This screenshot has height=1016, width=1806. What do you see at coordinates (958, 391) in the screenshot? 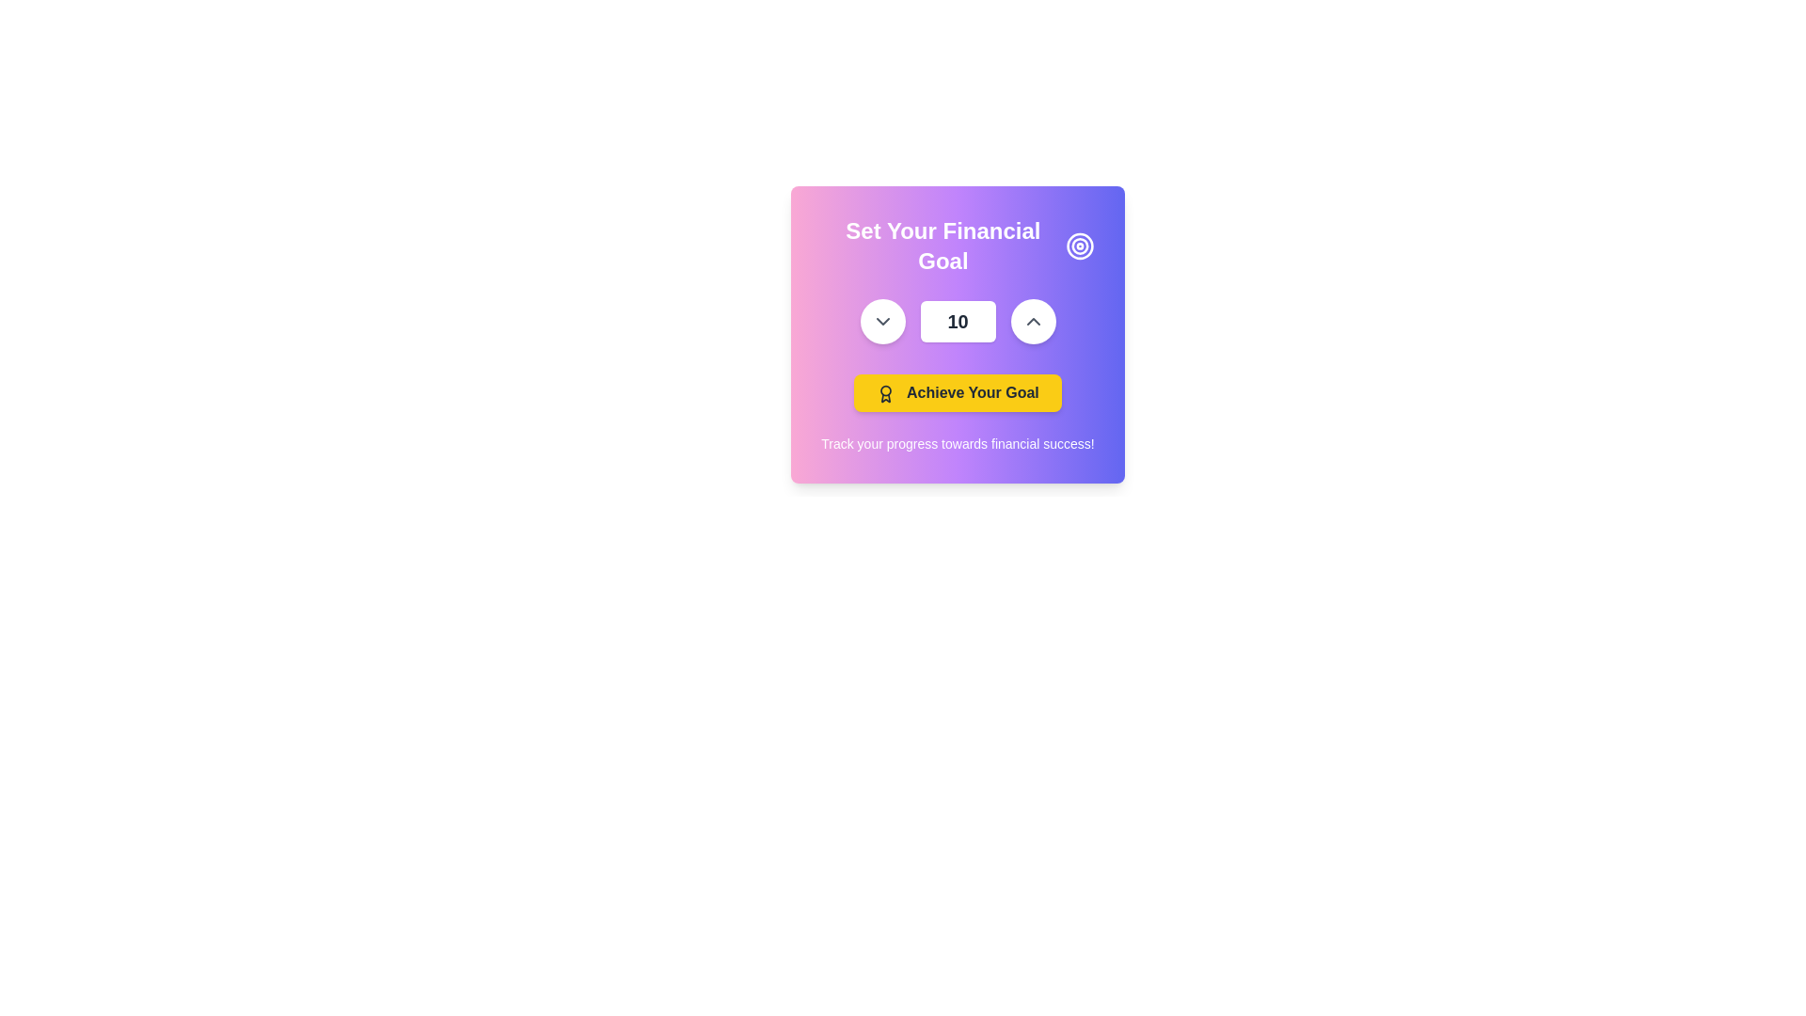
I see `the confirmation button located at the bottom center of the 'Set Your Financial Goal' panel to change its color` at bounding box center [958, 391].